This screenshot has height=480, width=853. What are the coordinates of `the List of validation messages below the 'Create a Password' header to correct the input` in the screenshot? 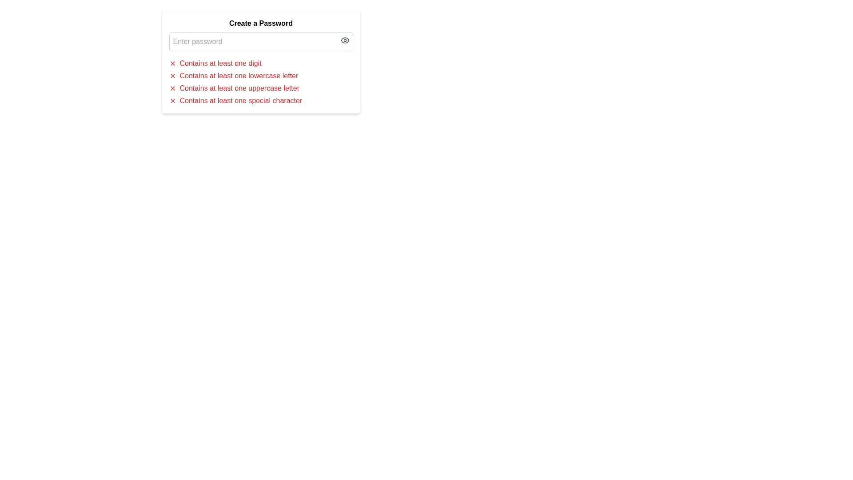 It's located at (260, 82).